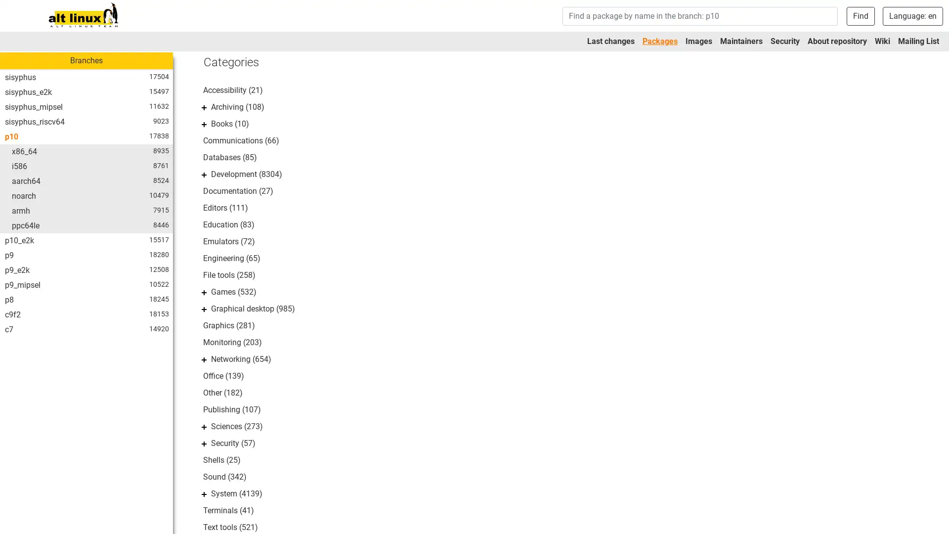 The height and width of the screenshot is (534, 949). What do you see at coordinates (860, 15) in the screenshot?
I see `Find` at bounding box center [860, 15].